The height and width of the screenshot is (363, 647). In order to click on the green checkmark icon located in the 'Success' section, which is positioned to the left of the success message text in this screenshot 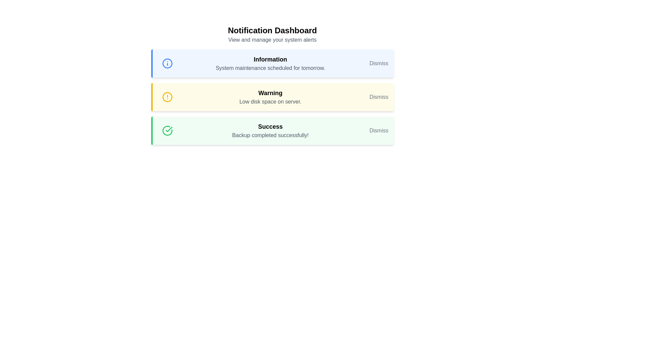, I will do `click(169, 129)`.